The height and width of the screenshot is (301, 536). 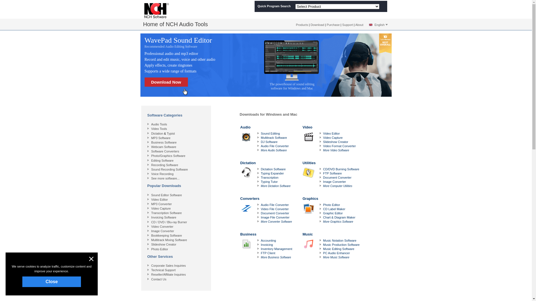 I want to click on 'Click to get WavePad Audio Editor', so click(x=167, y=65).